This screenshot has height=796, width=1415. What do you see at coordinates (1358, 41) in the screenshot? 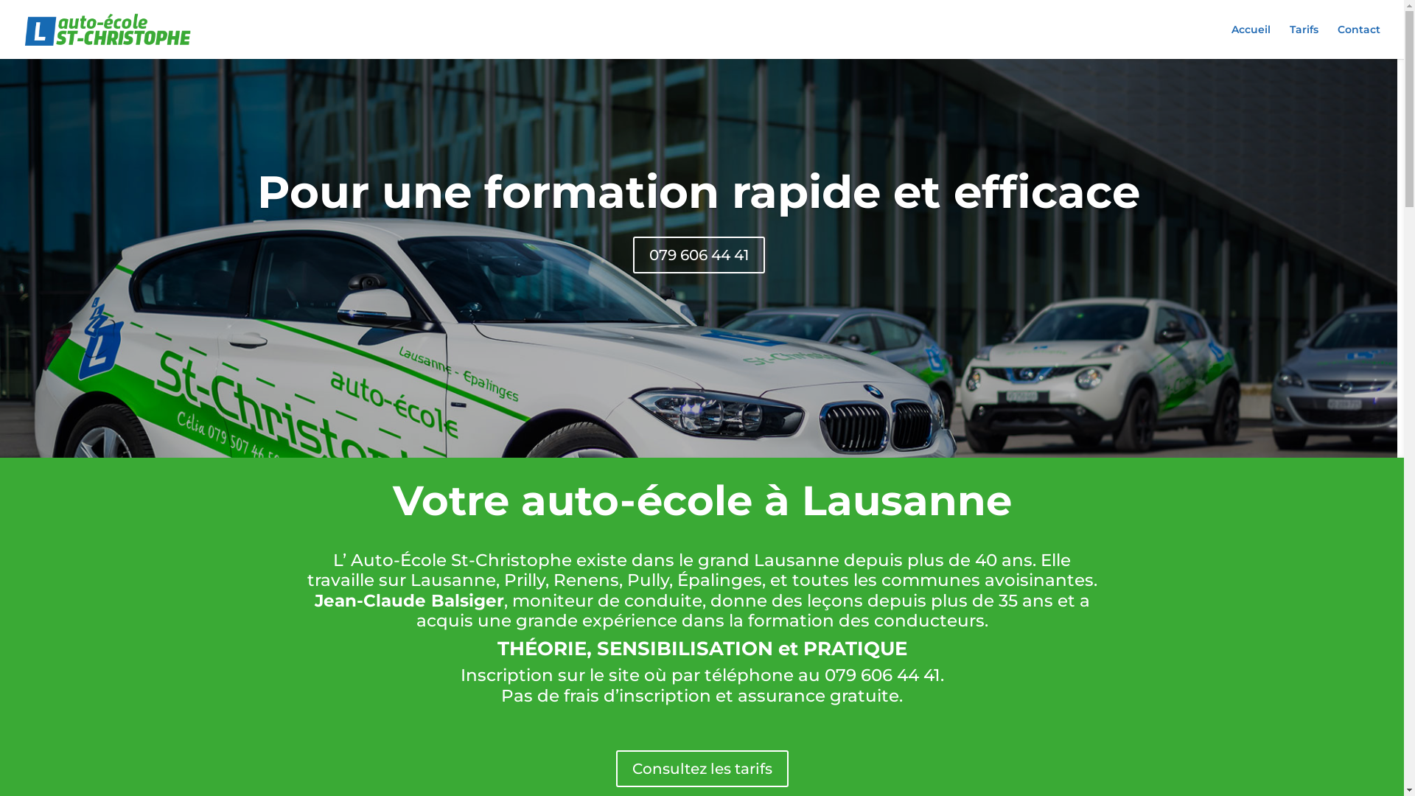
I see `'Contact'` at bounding box center [1358, 41].